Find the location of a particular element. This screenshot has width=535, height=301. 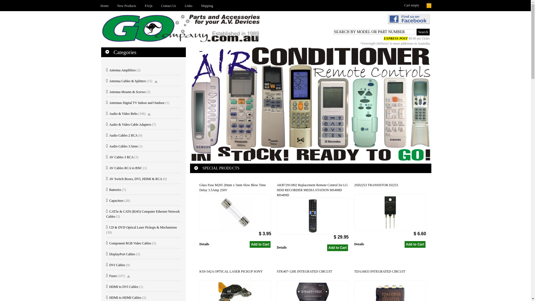

'CD & DVD Optical Laser Pickups & Mechanisms' is located at coordinates (142, 227).